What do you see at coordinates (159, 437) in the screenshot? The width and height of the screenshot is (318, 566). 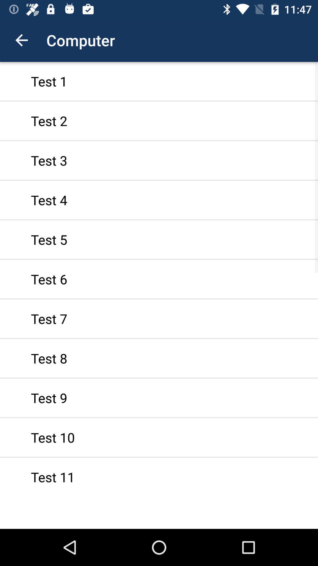 I see `the item below the test 9` at bounding box center [159, 437].